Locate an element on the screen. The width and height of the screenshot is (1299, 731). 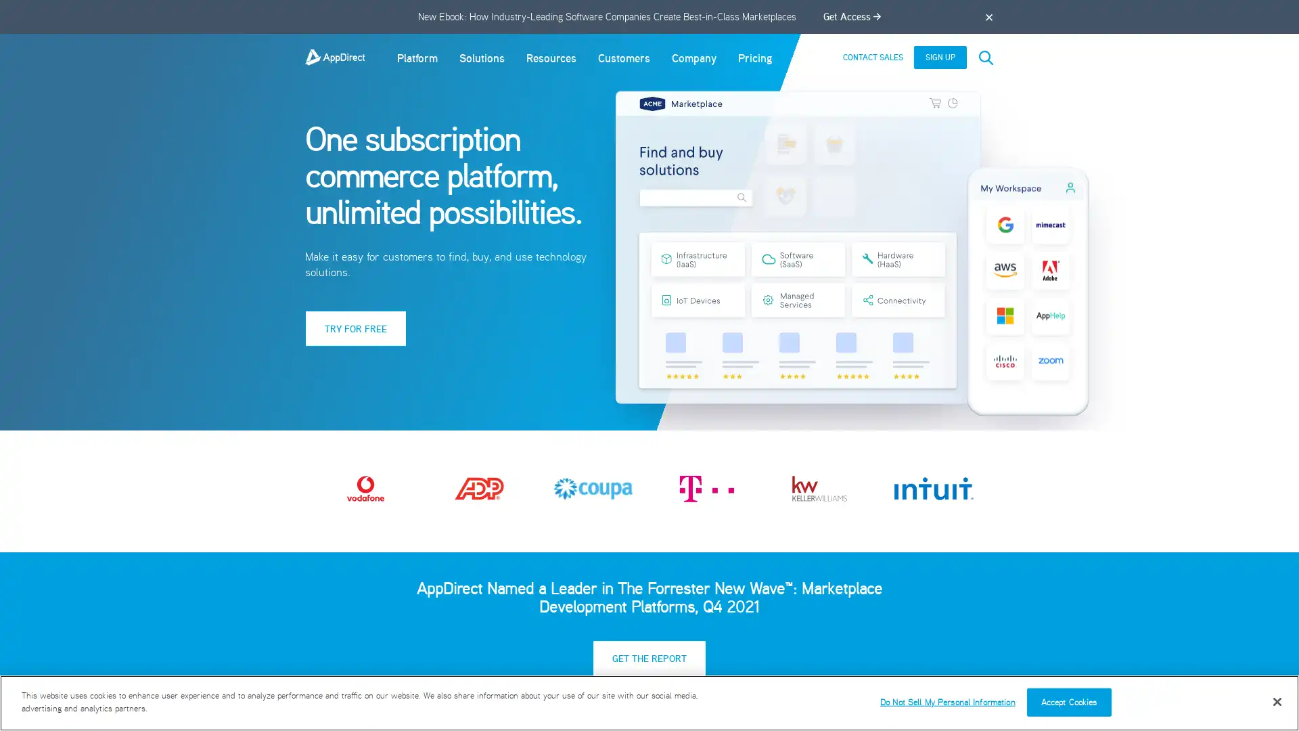
Close is located at coordinates (1276, 701).